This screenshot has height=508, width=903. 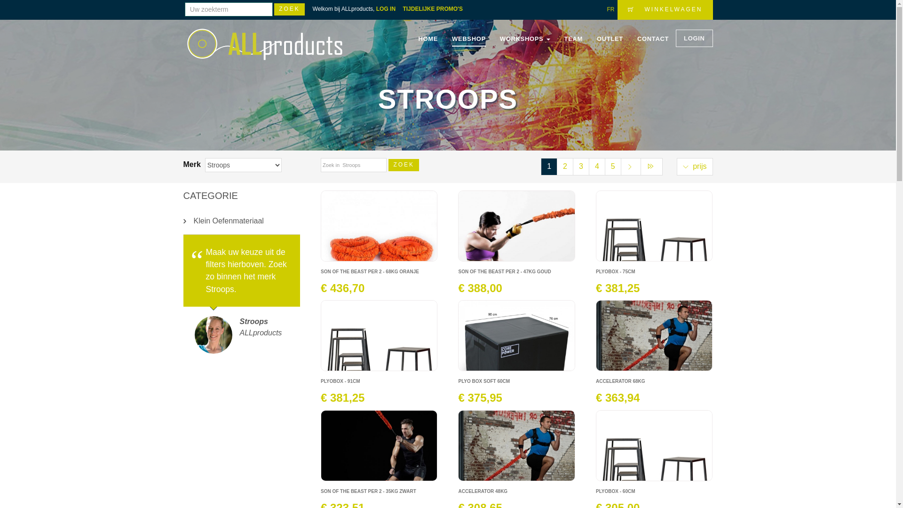 What do you see at coordinates (596, 166) in the screenshot?
I see `'4'` at bounding box center [596, 166].